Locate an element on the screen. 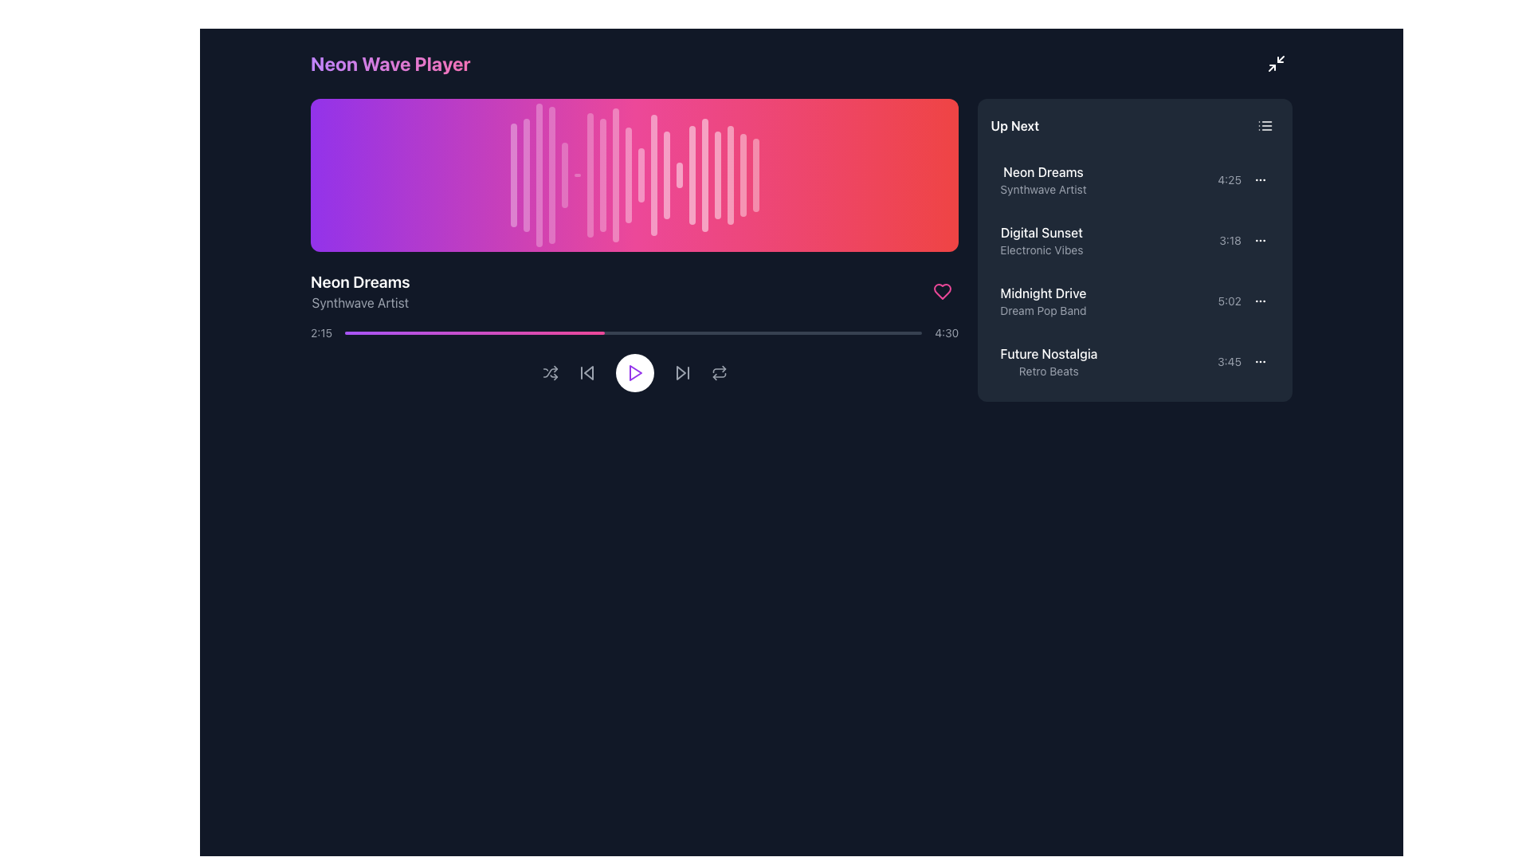 This screenshot has height=861, width=1530. the first List item representing a media entry titled 'Neon Dreams' is located at coordinates (1134, 179).